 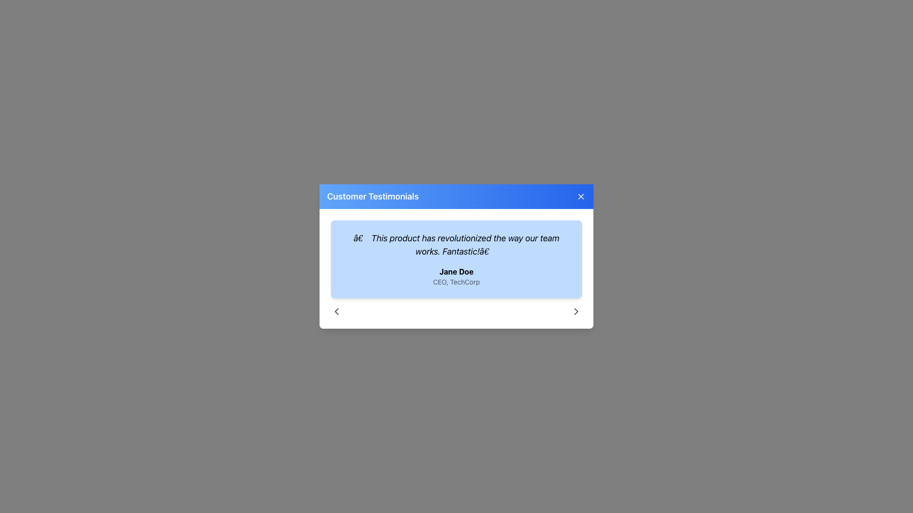 I want to click on the small, square-shaped blue button with an 'X' symbol in the center, located in the top-right corner of the 'Customer Testimonials' modal to trigger hover effects, so click(x=581, y=196).